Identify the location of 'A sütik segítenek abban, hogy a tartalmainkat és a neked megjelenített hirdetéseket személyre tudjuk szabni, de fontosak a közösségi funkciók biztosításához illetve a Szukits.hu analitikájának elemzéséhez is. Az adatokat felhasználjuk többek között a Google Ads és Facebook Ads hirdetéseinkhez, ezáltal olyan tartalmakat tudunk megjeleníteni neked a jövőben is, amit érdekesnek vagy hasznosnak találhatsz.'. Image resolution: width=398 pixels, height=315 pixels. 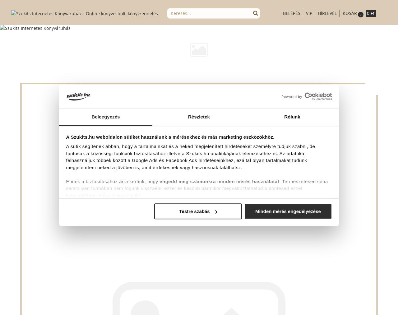
(66, 156).